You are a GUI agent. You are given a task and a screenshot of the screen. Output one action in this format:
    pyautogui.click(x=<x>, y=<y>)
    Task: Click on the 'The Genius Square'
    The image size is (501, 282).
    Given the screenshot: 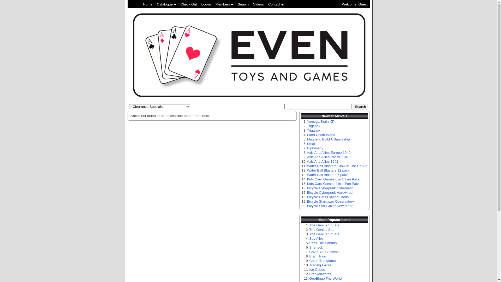 What is the action you would take?
    pyautogui.click(x=324, y=225)
    